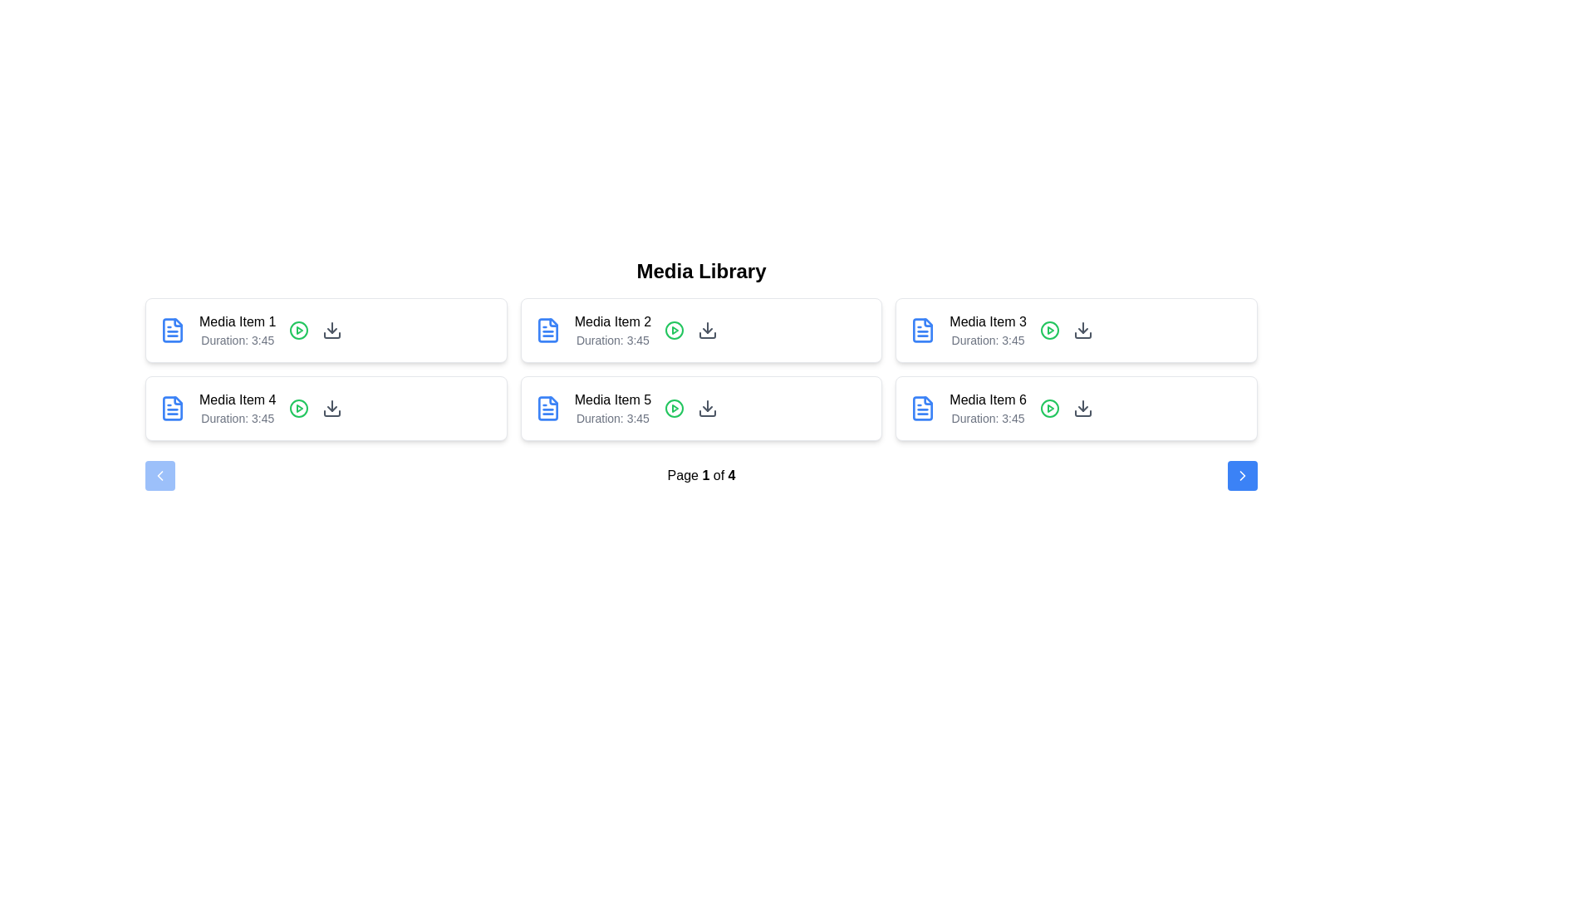 The image size is (1595, 897). I want to click on circular element with a green outline and white interior, part of the play button icon situated in the top-left quadrant of the interface, adjacent to 'Media Item 1', so click(299, 330).